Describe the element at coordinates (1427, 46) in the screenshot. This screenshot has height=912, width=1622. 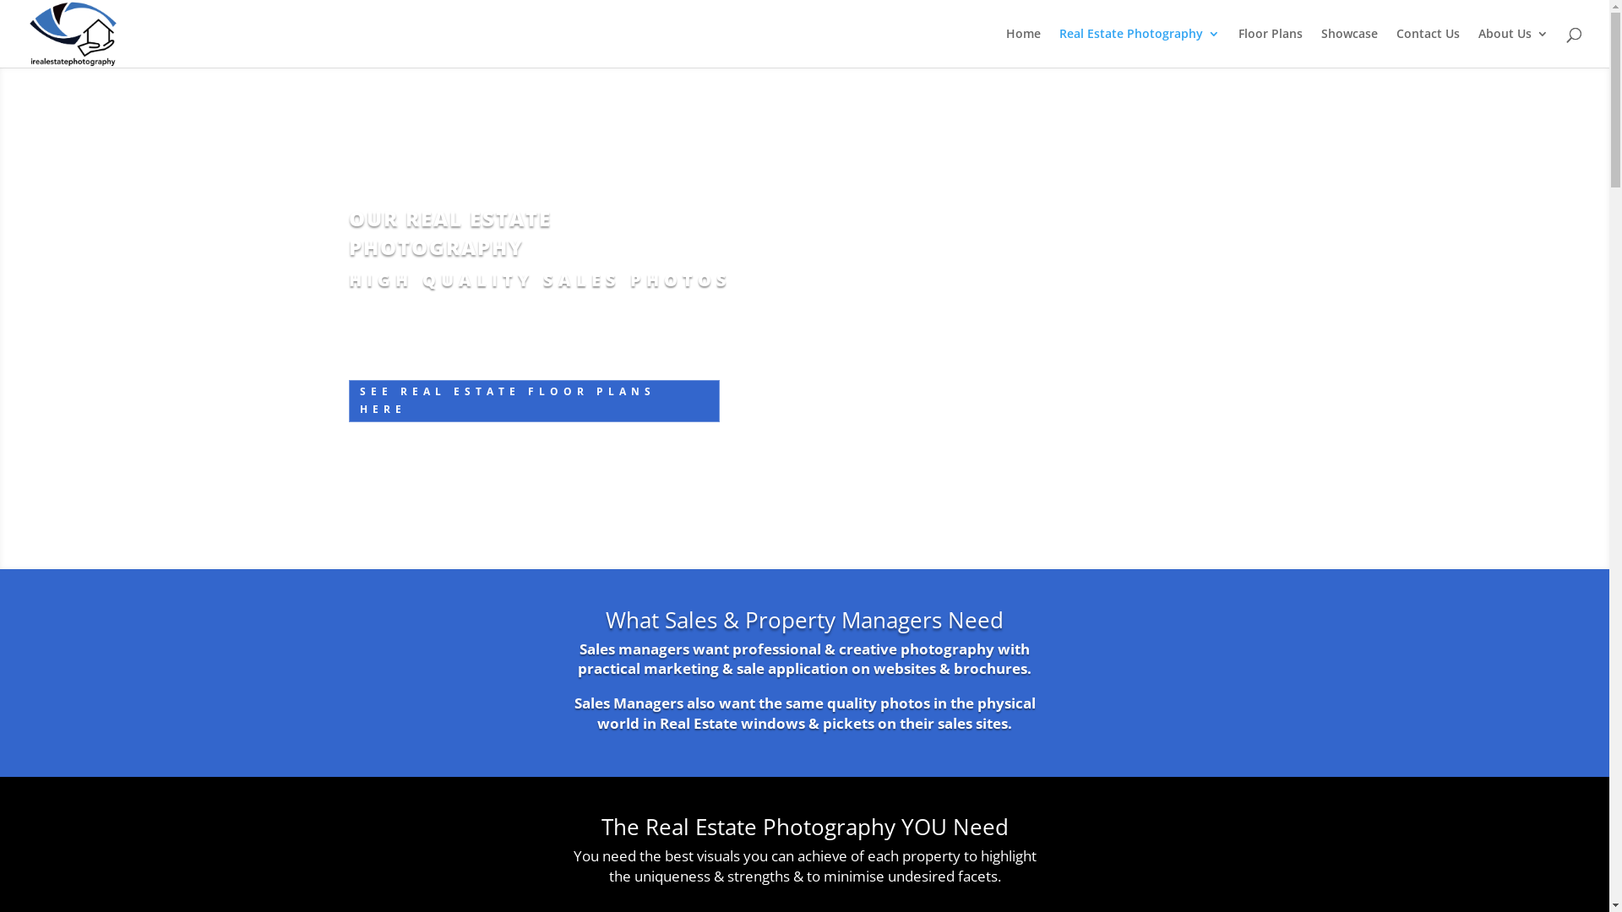
I see `'Contact Us'` at that location.